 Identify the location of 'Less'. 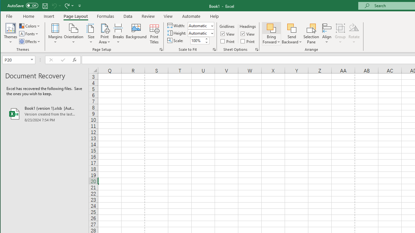
(206, 42).